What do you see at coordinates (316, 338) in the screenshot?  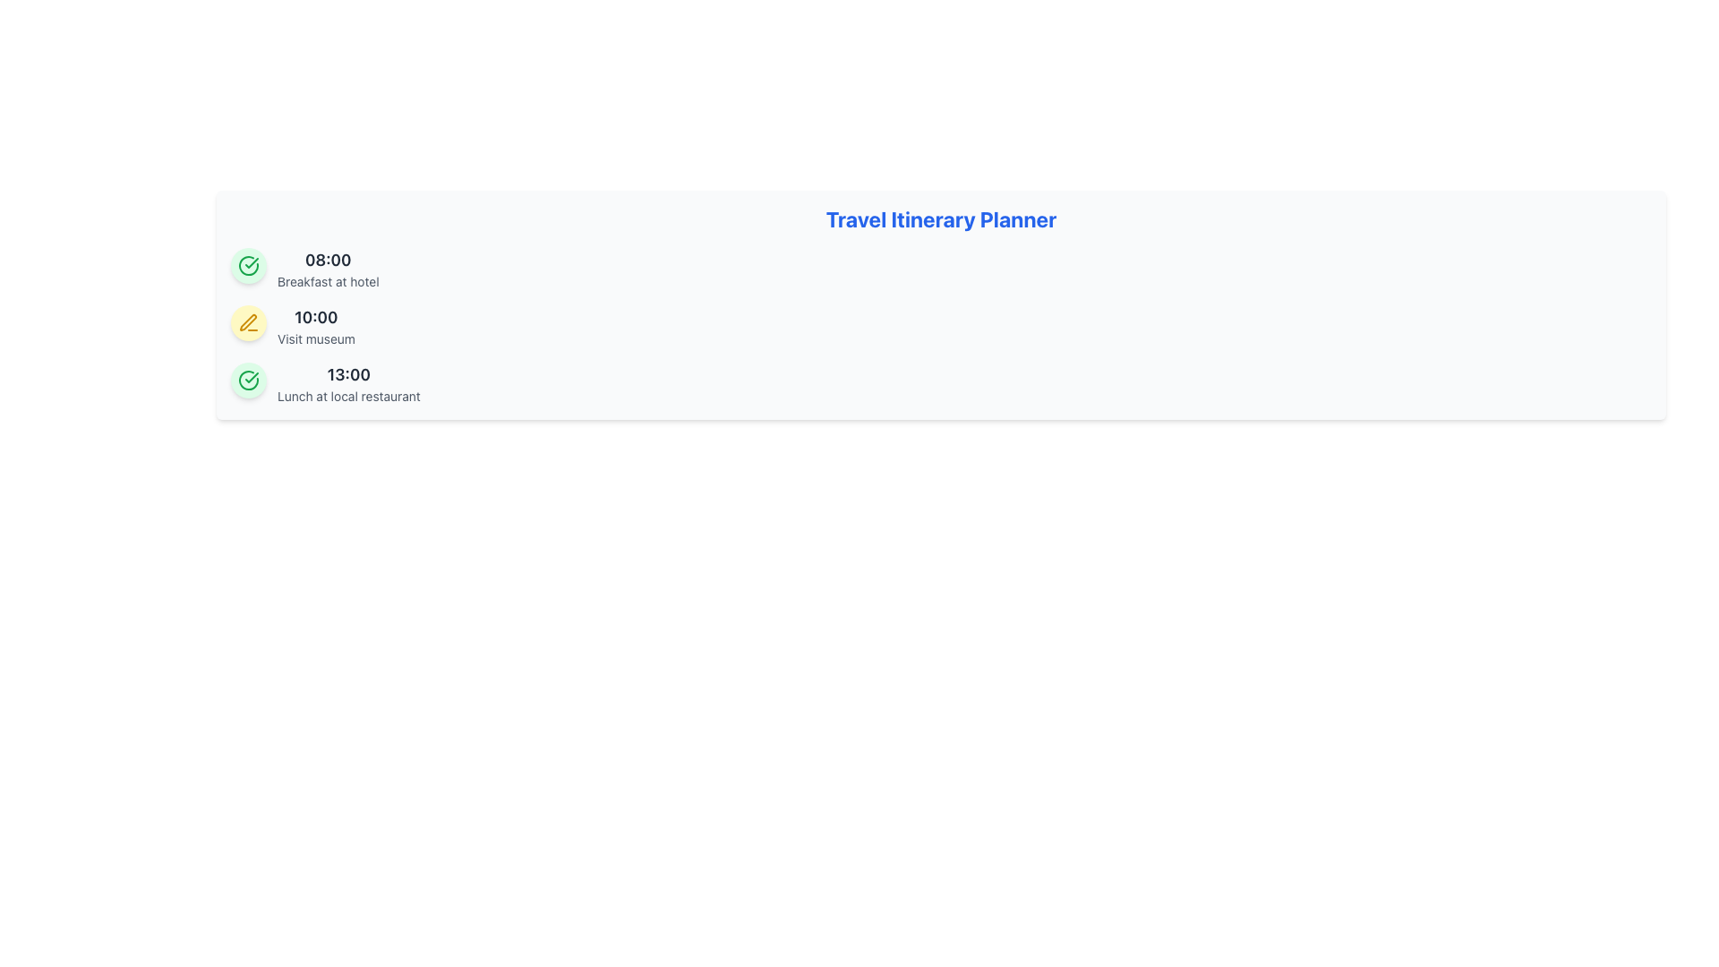 I see `the label 'Visit museum', which is displayed in a smaller, light-gray font beneath the bold text '10:00' in the itinerary list` at bounding box center [316, 338].